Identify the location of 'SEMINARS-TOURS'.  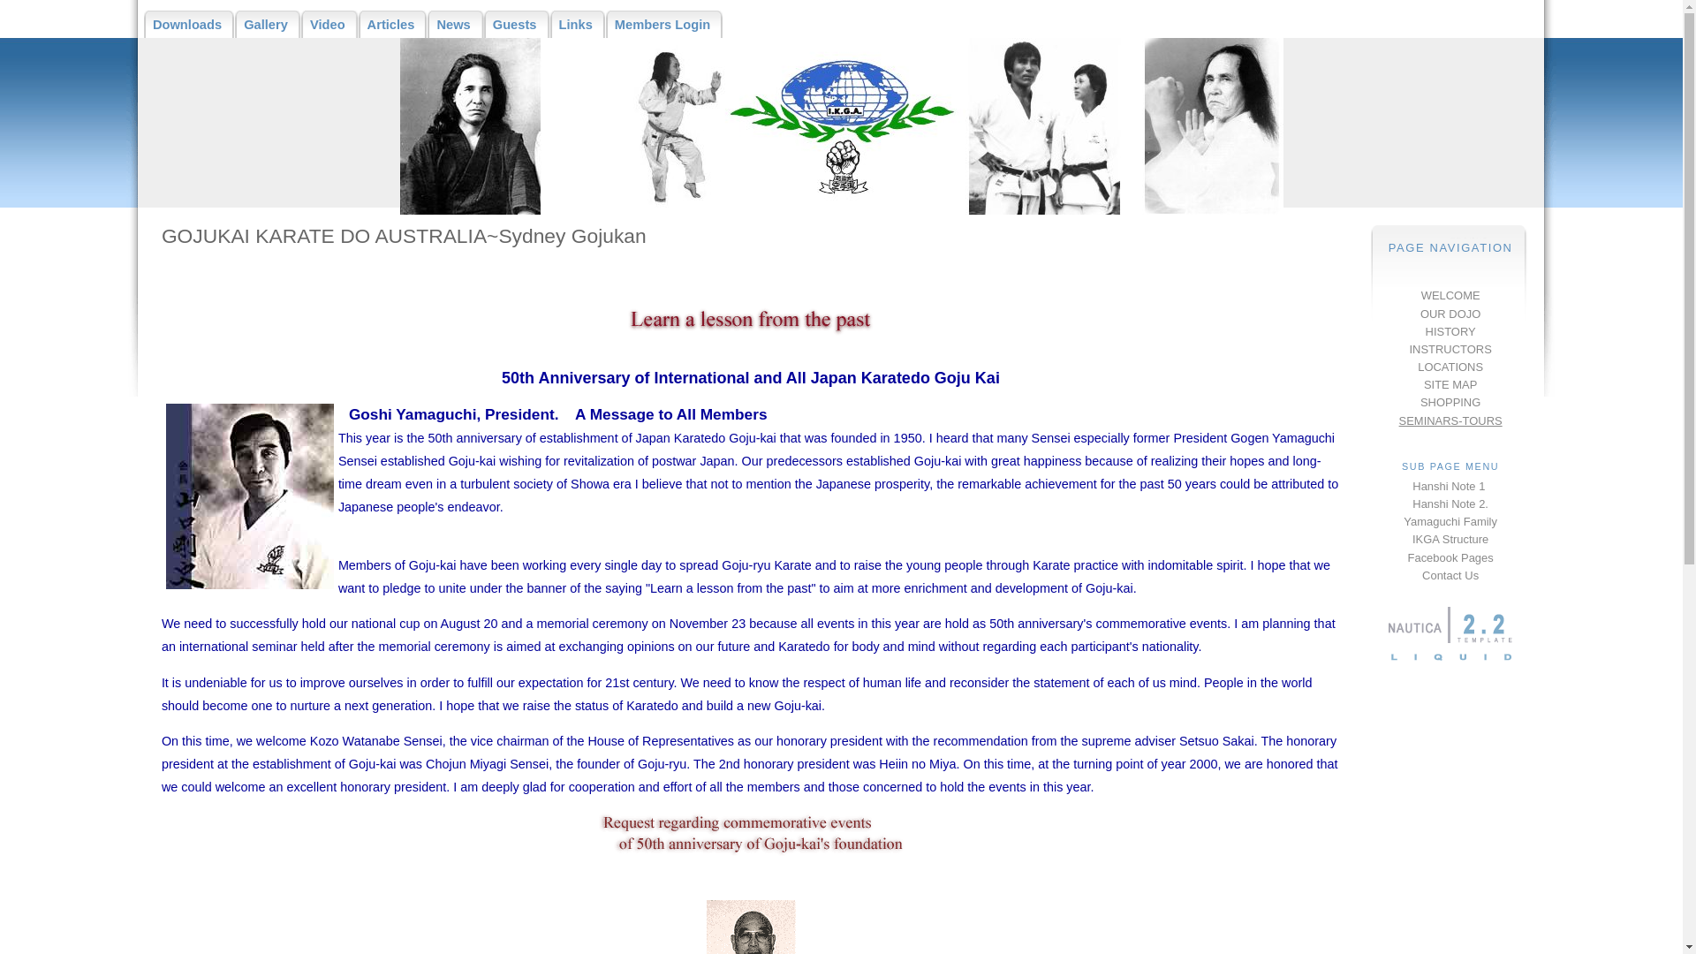
(1398, 420).